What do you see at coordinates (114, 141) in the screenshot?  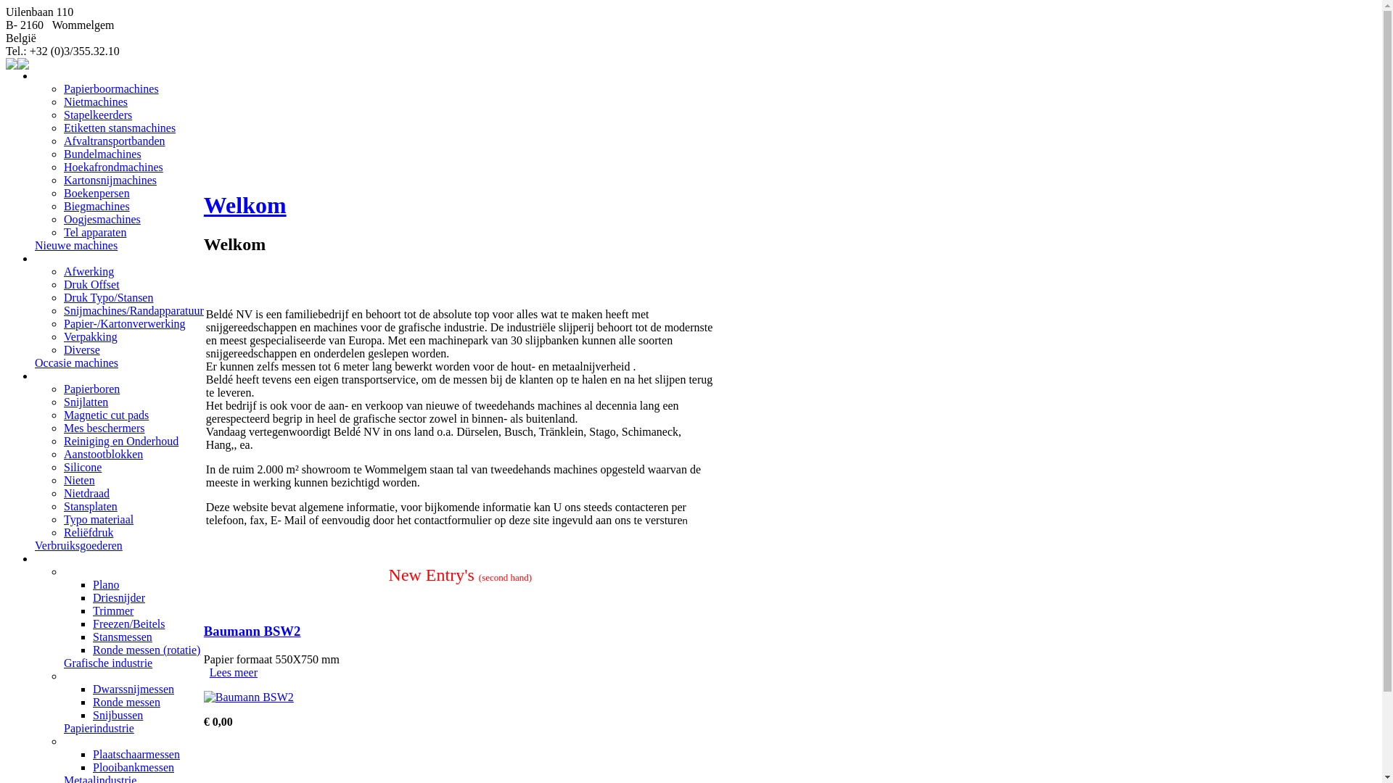 I see `'Afvaltransportbanden'` at bounding box center [114, 141].